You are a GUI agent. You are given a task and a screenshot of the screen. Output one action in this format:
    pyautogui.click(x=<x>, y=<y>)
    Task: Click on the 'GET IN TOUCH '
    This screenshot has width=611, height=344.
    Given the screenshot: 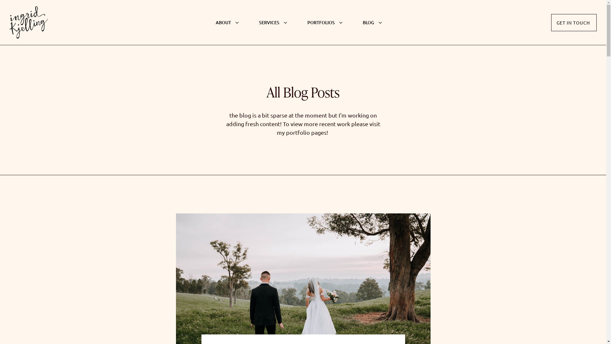 What is the action you would take?
    pyautogui.click(x=574, y=22)
    